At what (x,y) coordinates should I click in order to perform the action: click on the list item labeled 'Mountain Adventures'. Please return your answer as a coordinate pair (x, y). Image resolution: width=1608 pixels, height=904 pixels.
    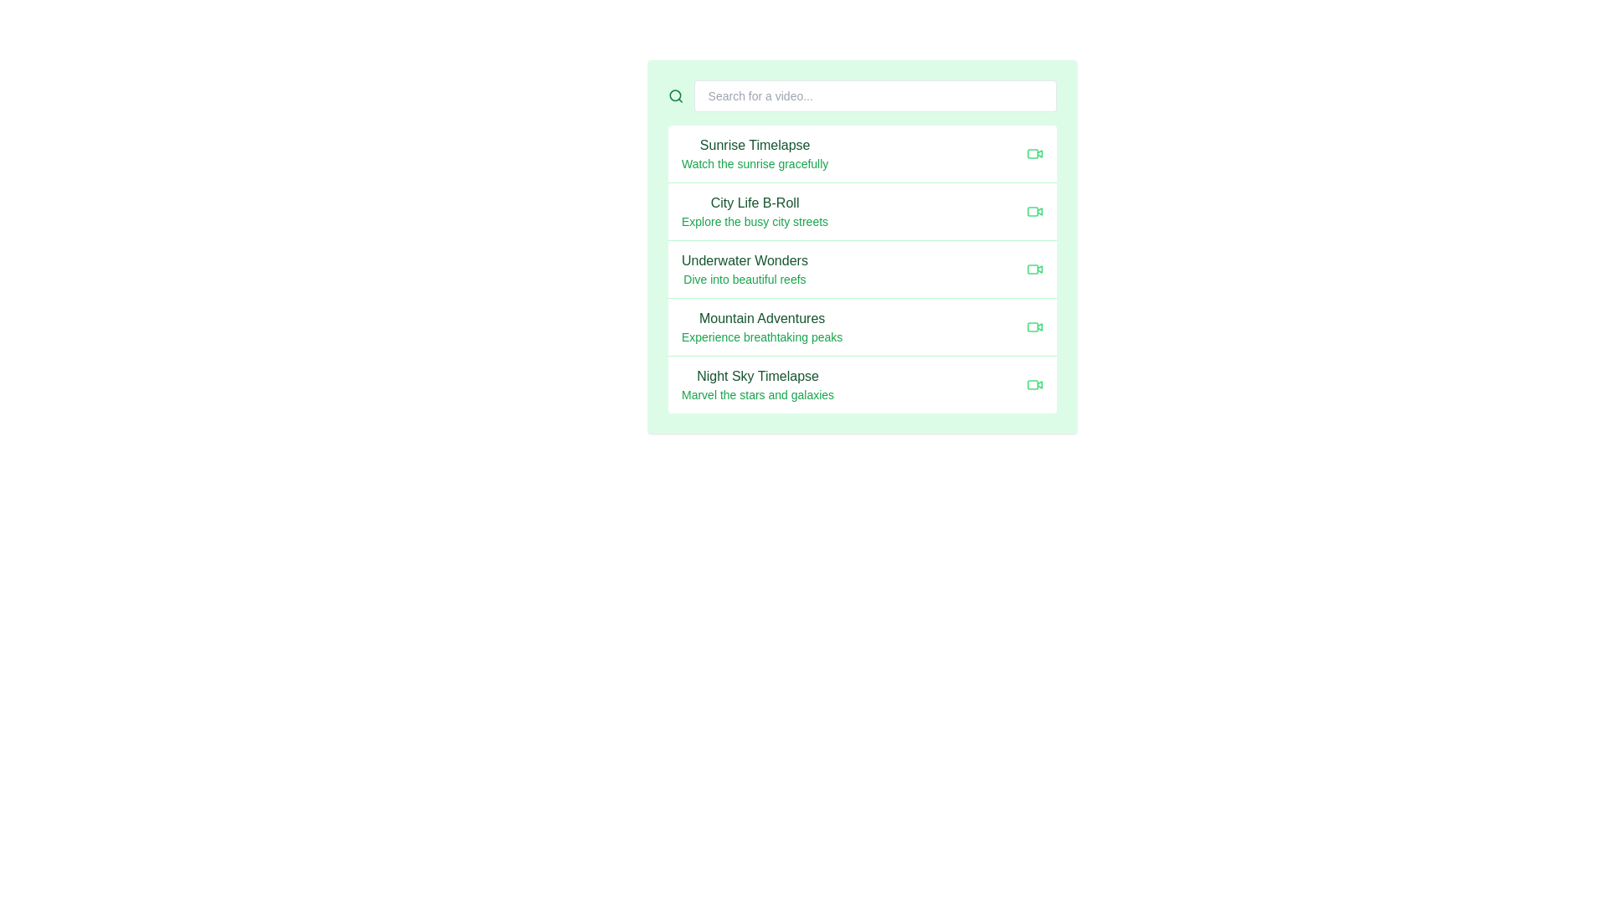
    Looking at the image, I should click on (761, 326).